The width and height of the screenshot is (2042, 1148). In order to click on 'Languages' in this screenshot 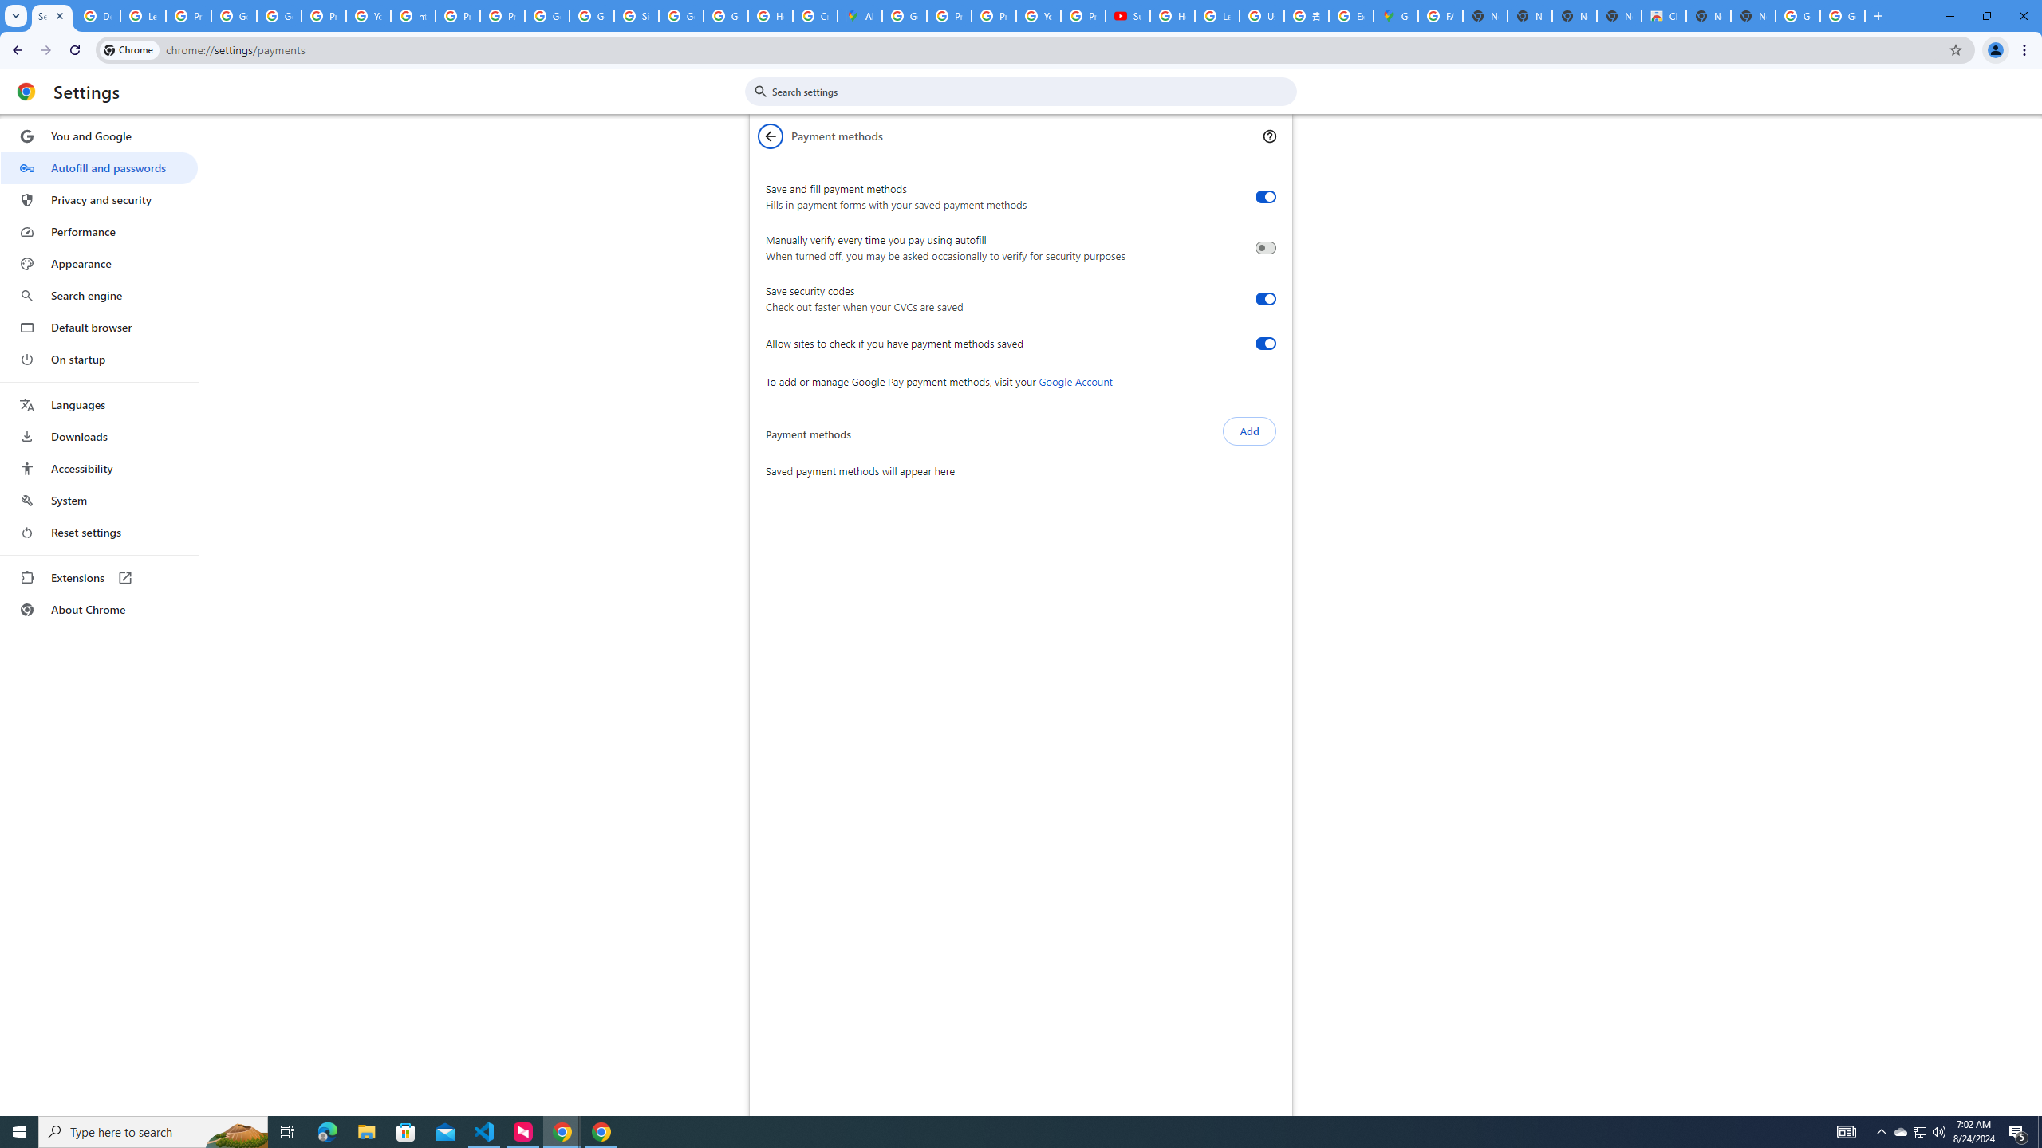, I will do `click(98, 405)`.